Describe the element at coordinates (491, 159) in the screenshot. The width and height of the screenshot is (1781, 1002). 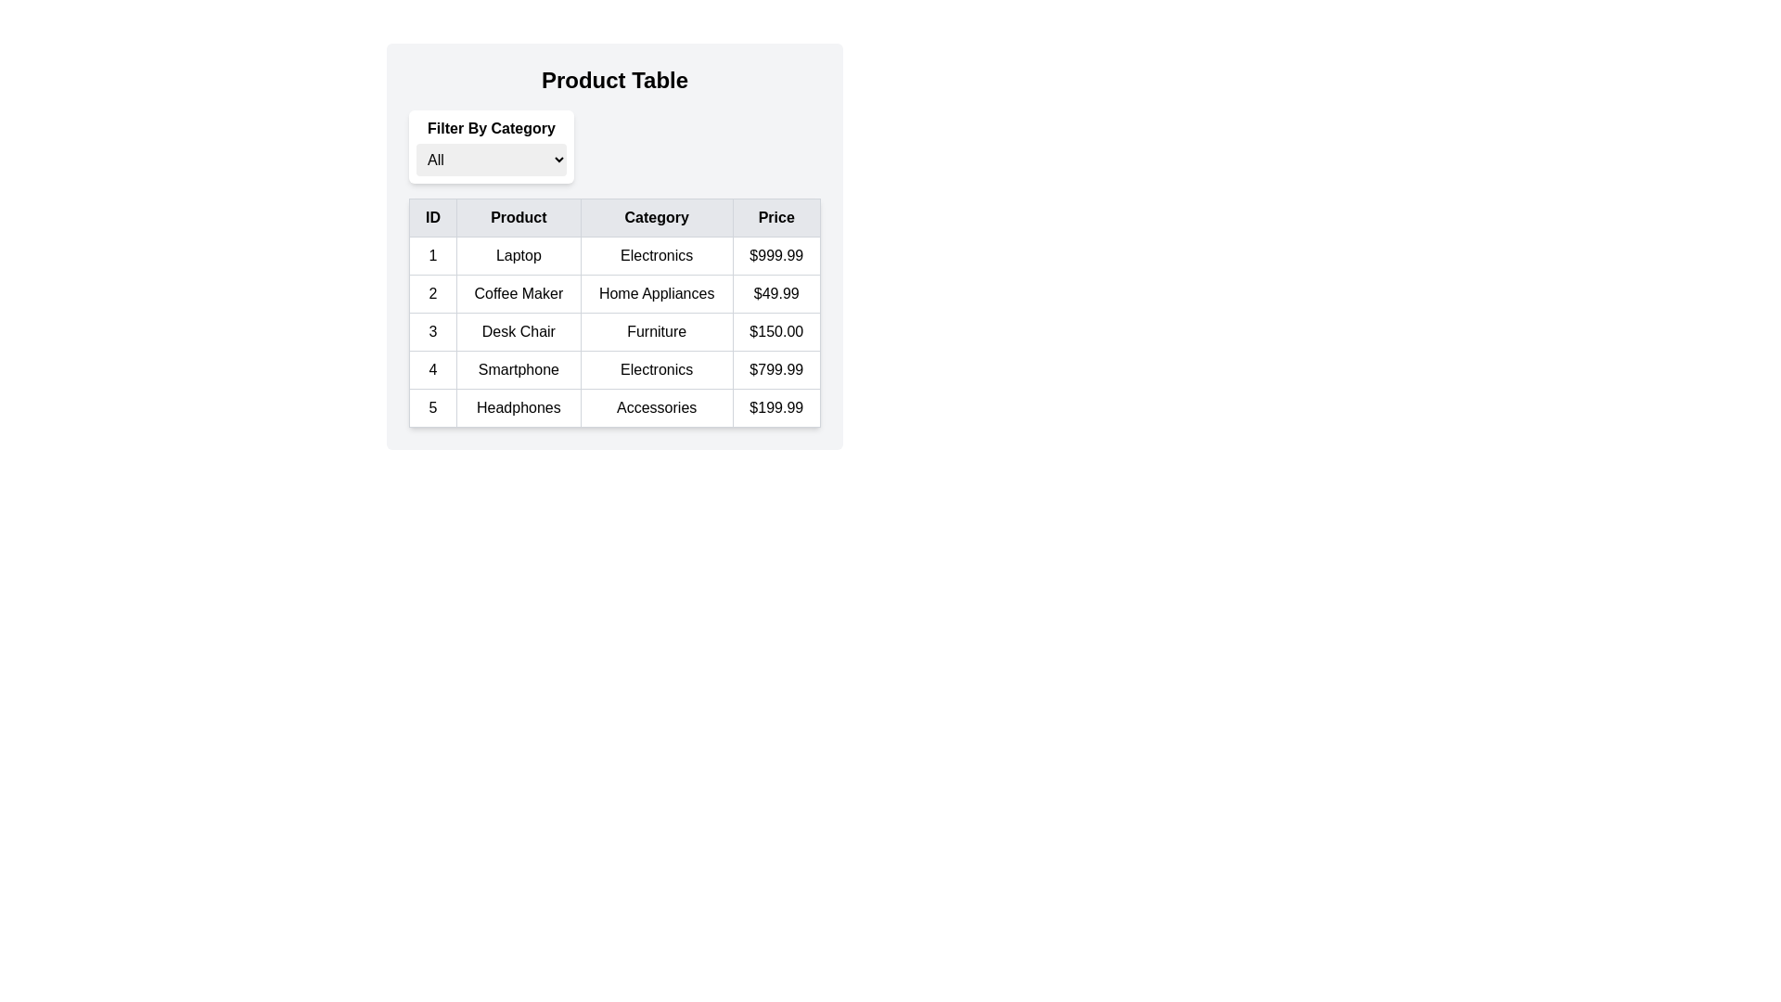
I see `an option from the dropdown menu located directly below the 'Filter By Category' title to filter products by category` at that location.